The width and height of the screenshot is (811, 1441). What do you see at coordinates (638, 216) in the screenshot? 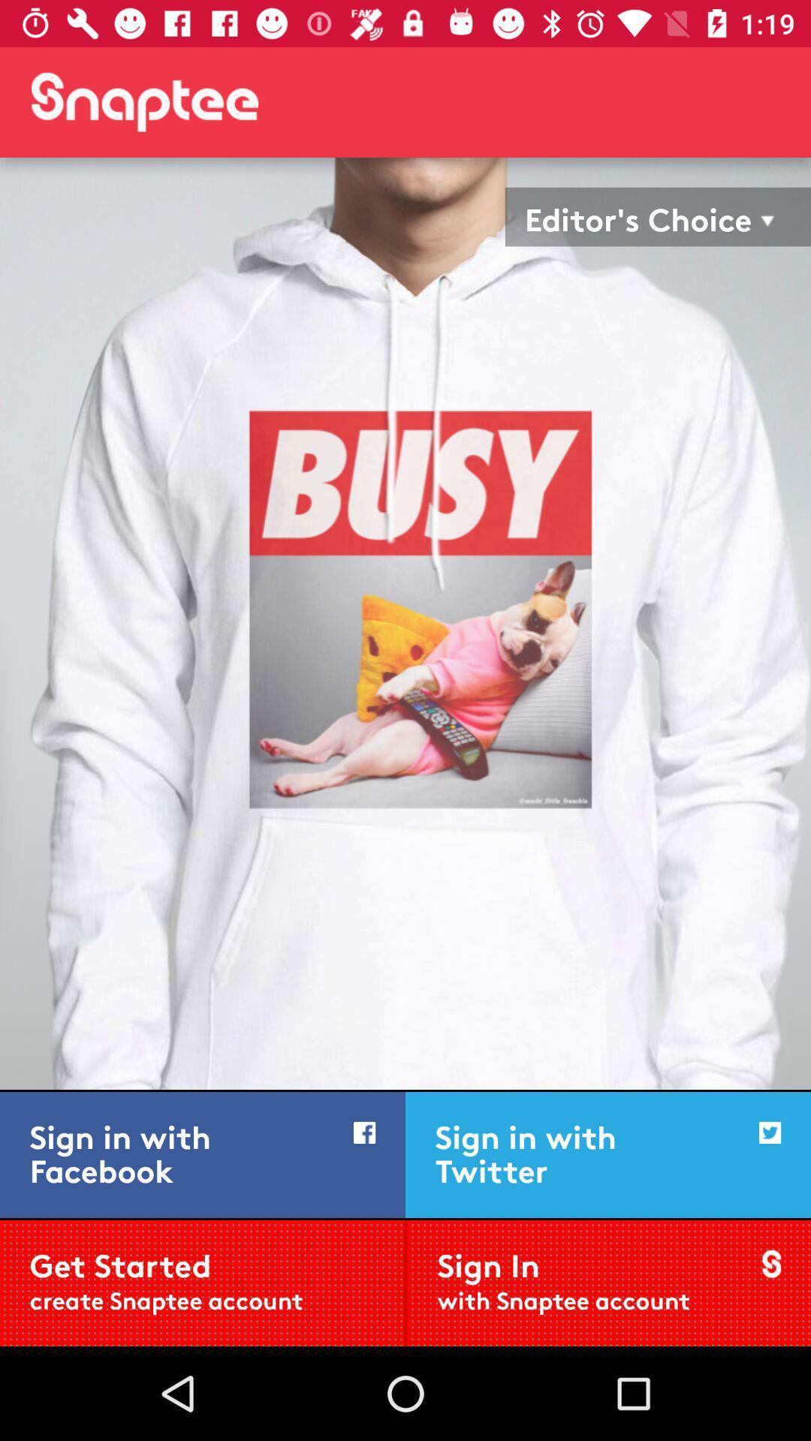
I see `the editor's choice icon` at bounding box center [638, 216].